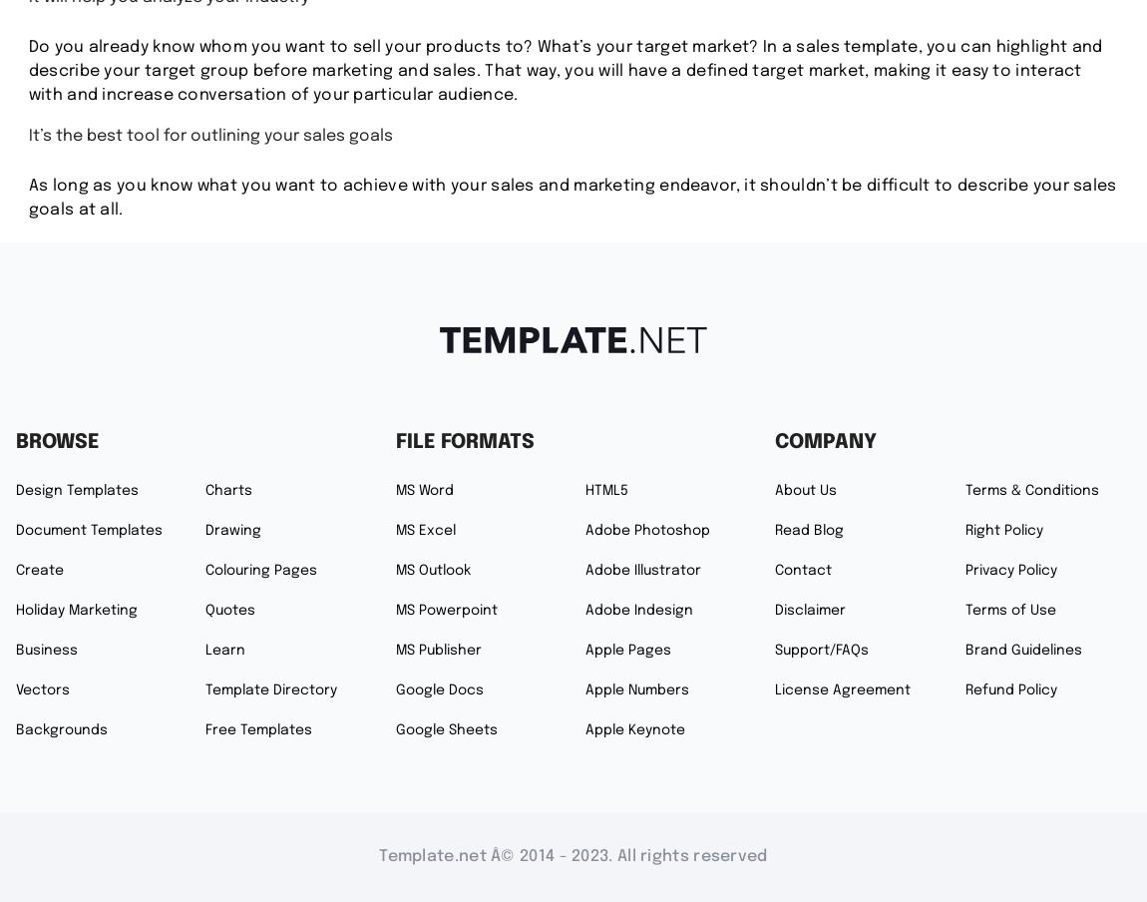 The width and height of the screenshot is (1147, 902). What do you see at coordinates (76, 489) in the screenshot?
I see `'Design Templates'` at bounding box center [76, 489].